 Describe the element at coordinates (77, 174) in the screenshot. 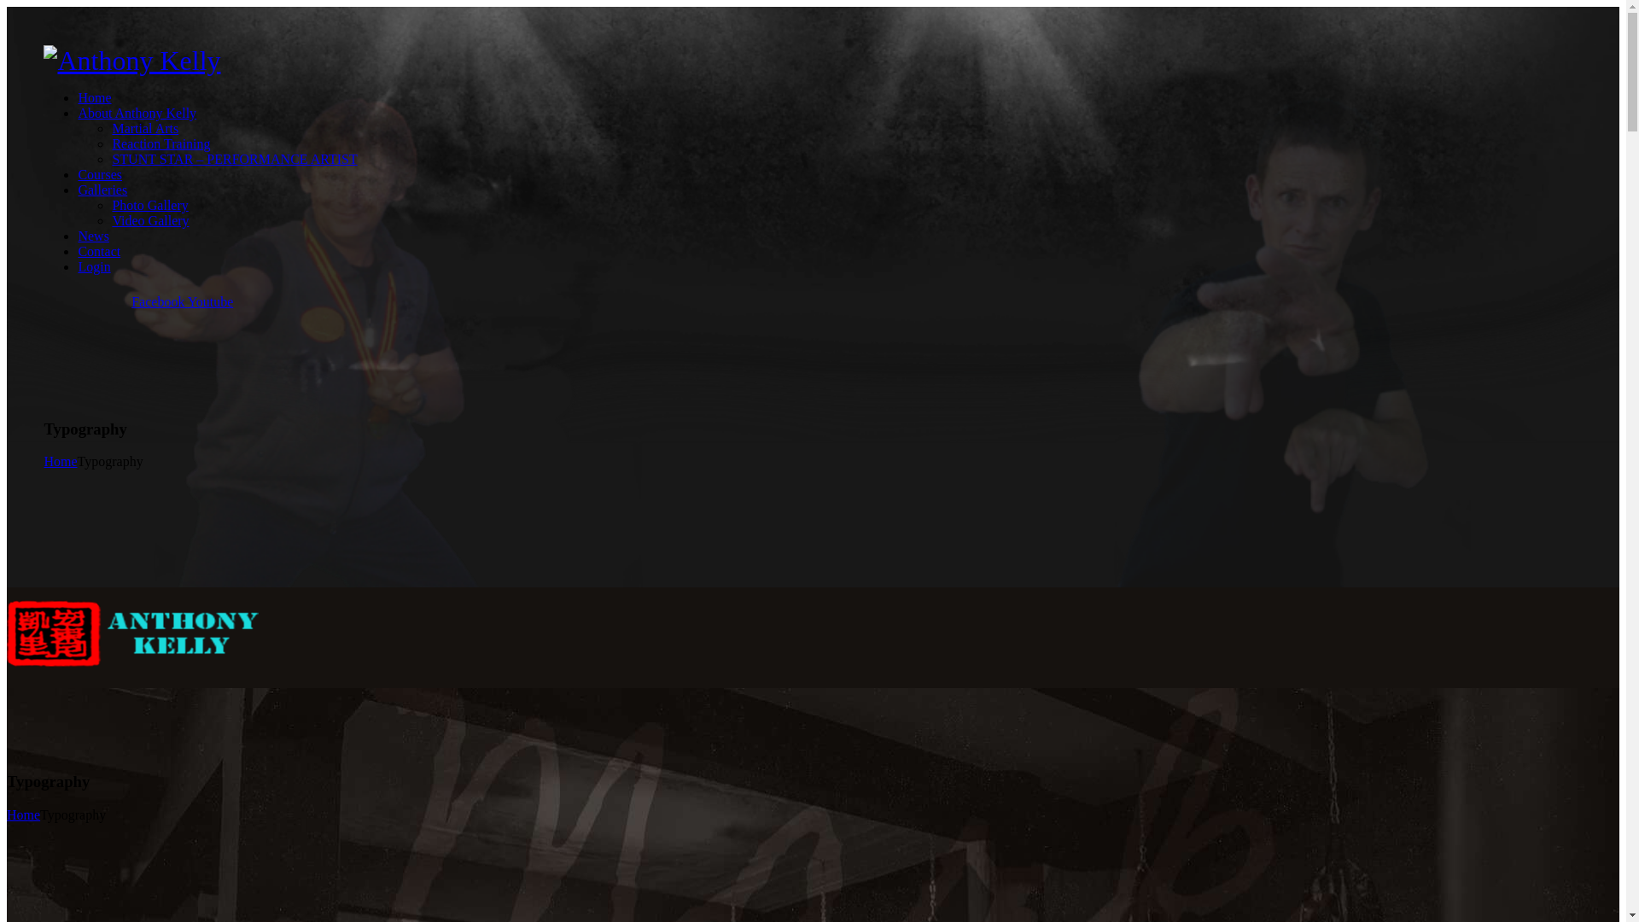

I see `'Courses'` at that location.